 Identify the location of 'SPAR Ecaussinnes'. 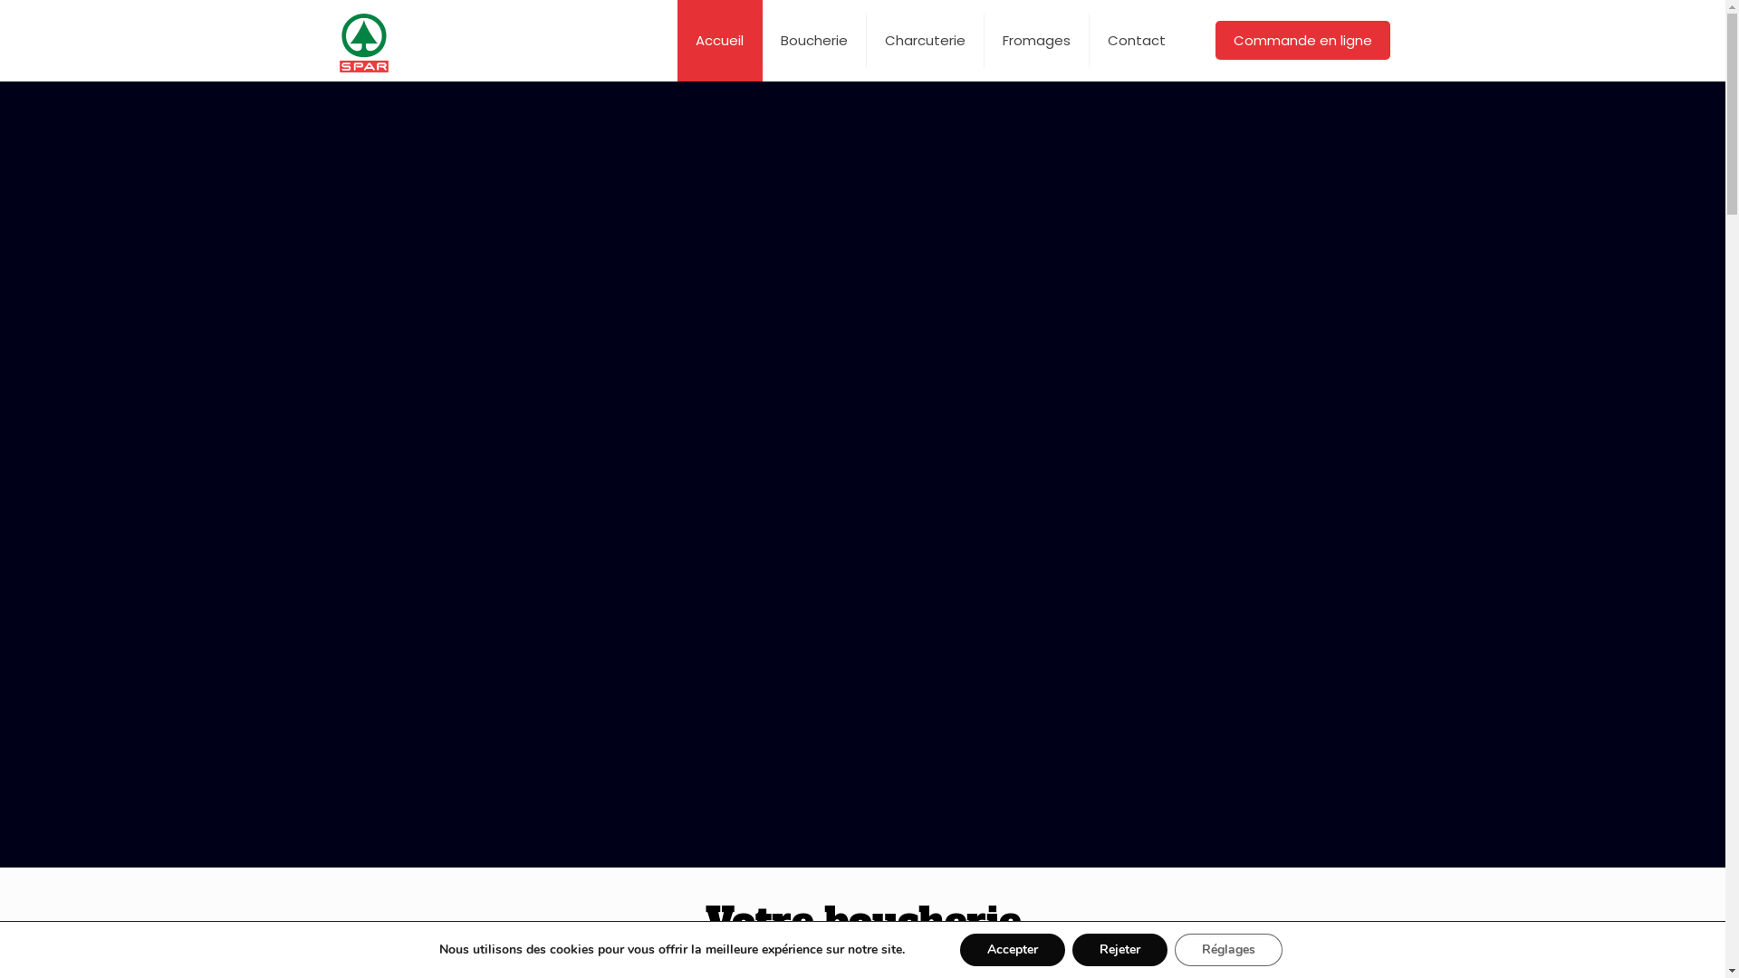
(363, 41).